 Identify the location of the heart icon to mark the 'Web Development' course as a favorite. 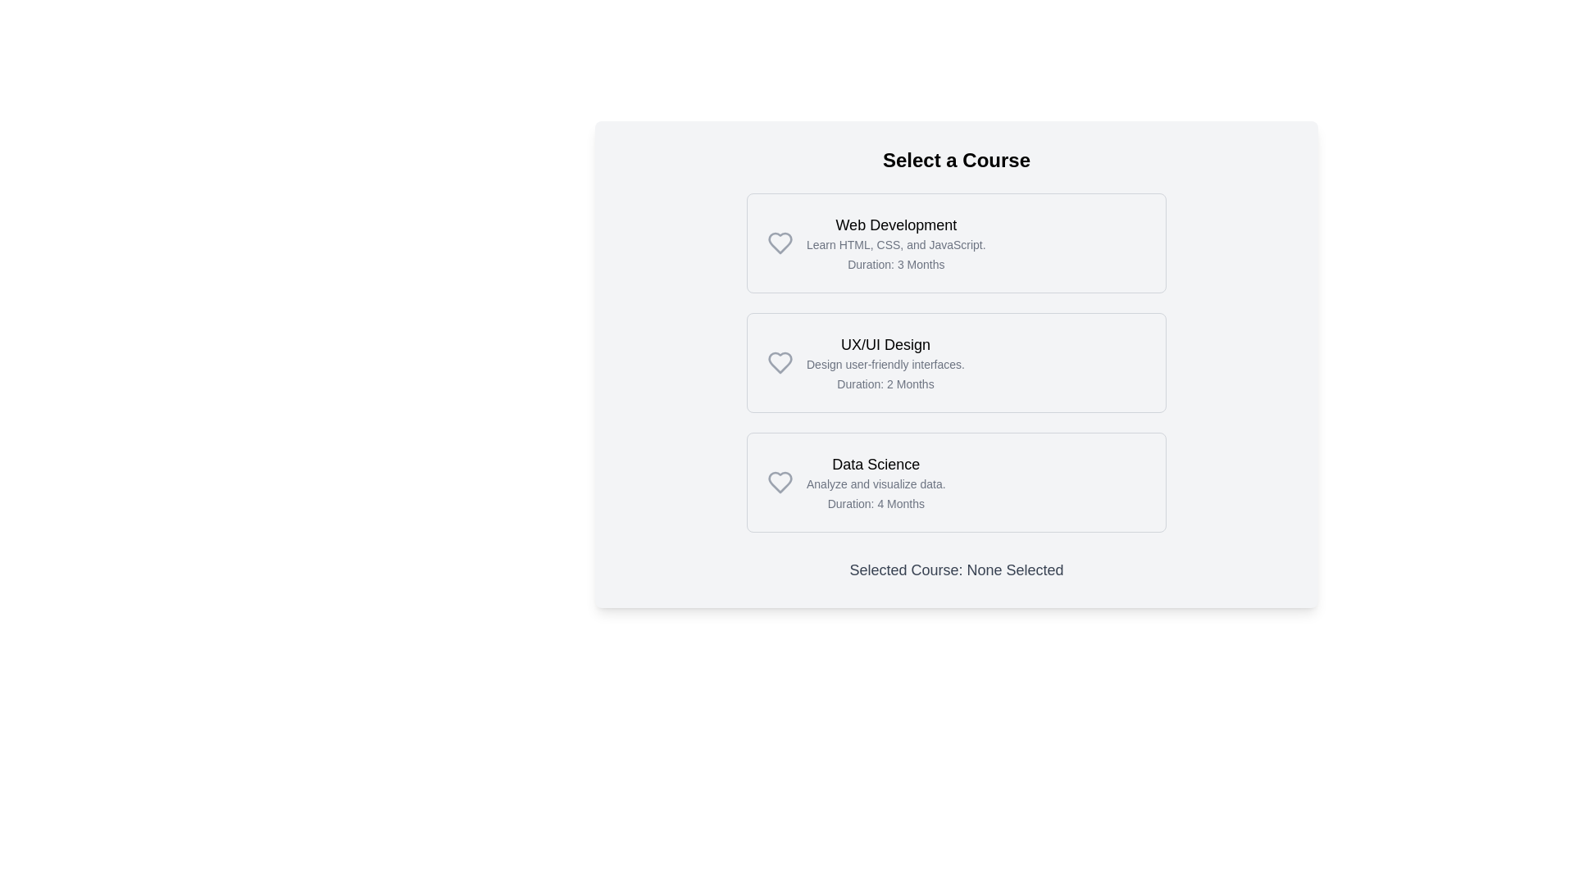
(779, 243).